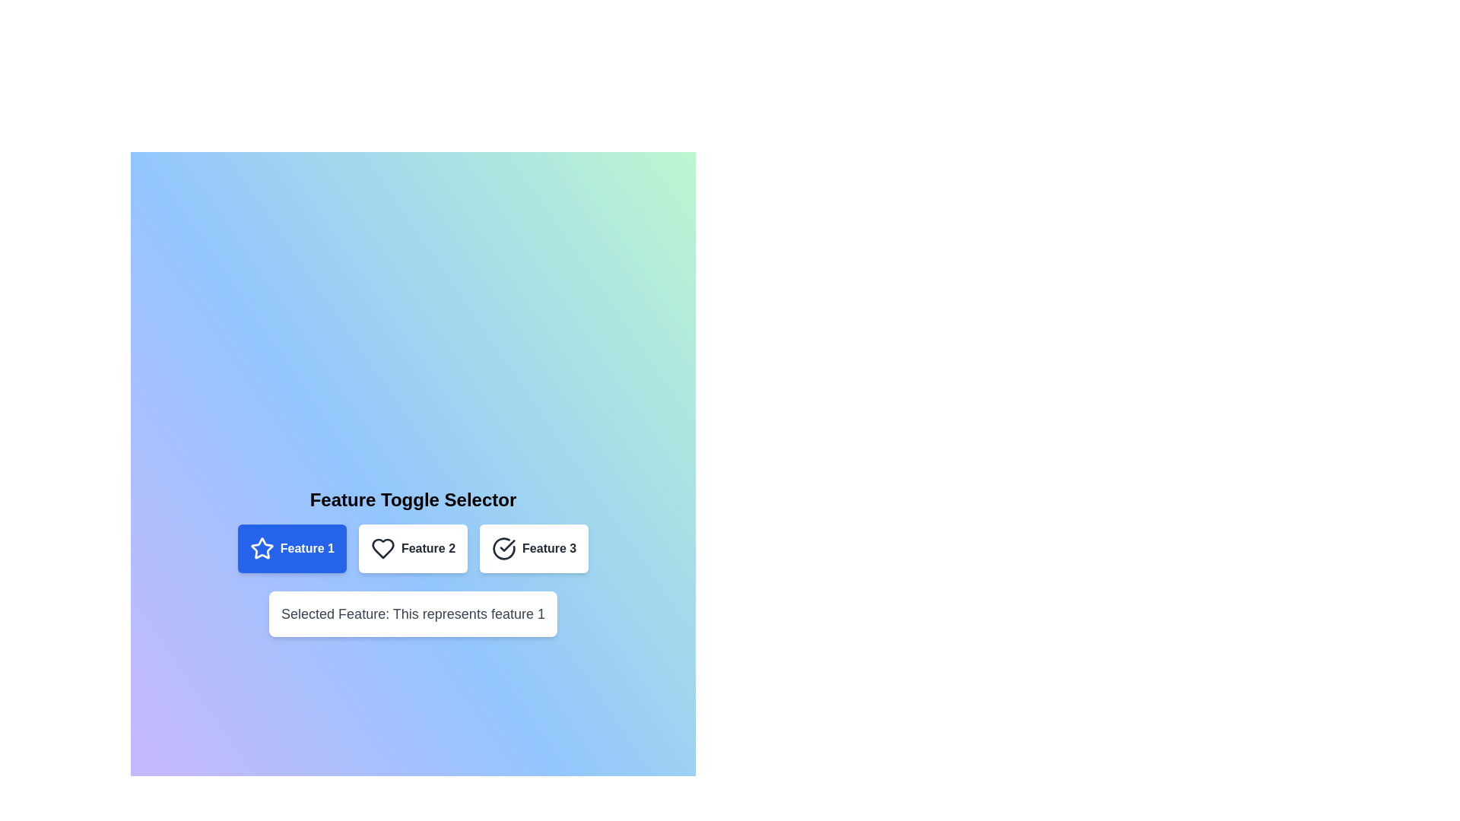 Image resolution: width=1460 pixels, height=821 pixels. Describe the element at coordinates (292, 548) in the screenshot. I see `button labeled 'Feature 1' to select it` at that location.